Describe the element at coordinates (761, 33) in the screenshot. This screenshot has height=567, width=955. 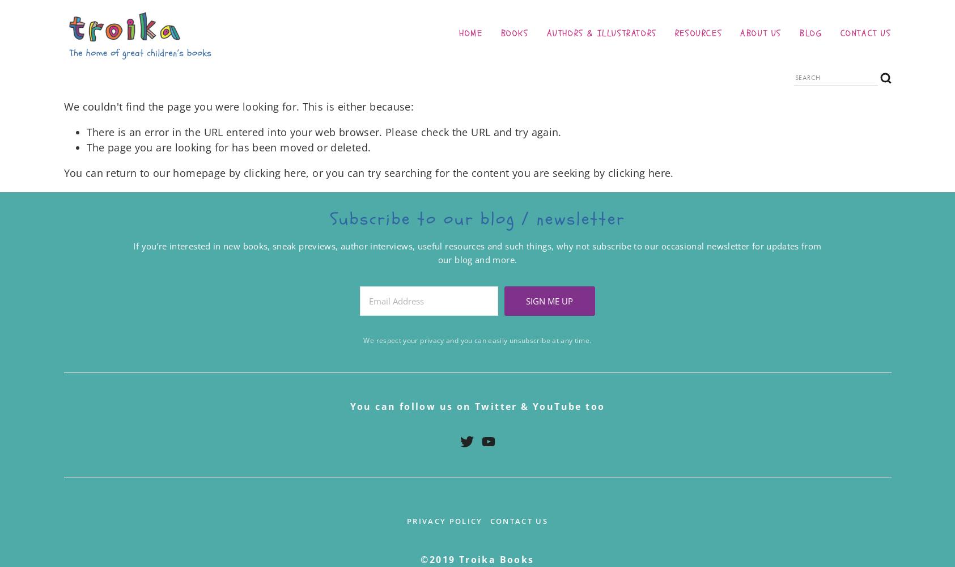
I see `'About us'` at that location.